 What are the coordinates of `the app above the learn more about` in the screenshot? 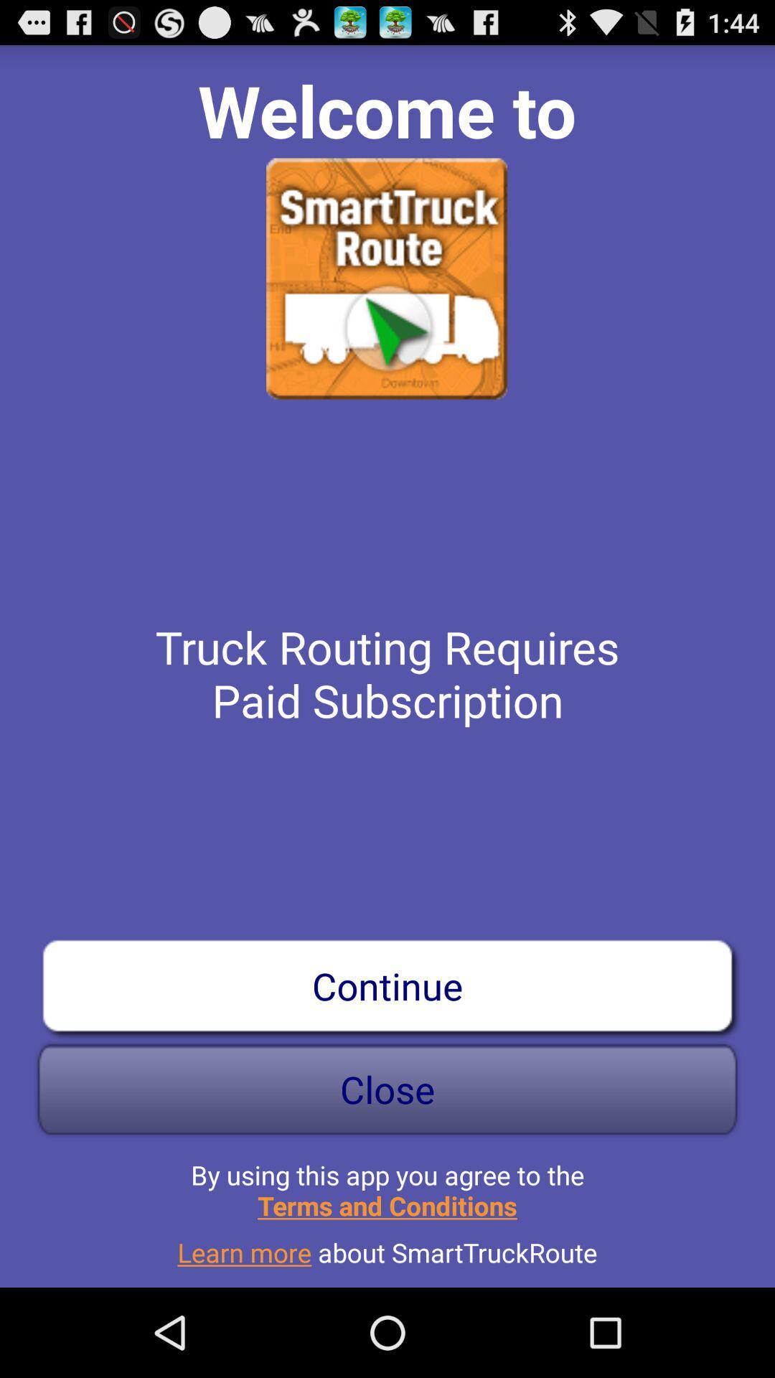 It's located at (387, 1184).